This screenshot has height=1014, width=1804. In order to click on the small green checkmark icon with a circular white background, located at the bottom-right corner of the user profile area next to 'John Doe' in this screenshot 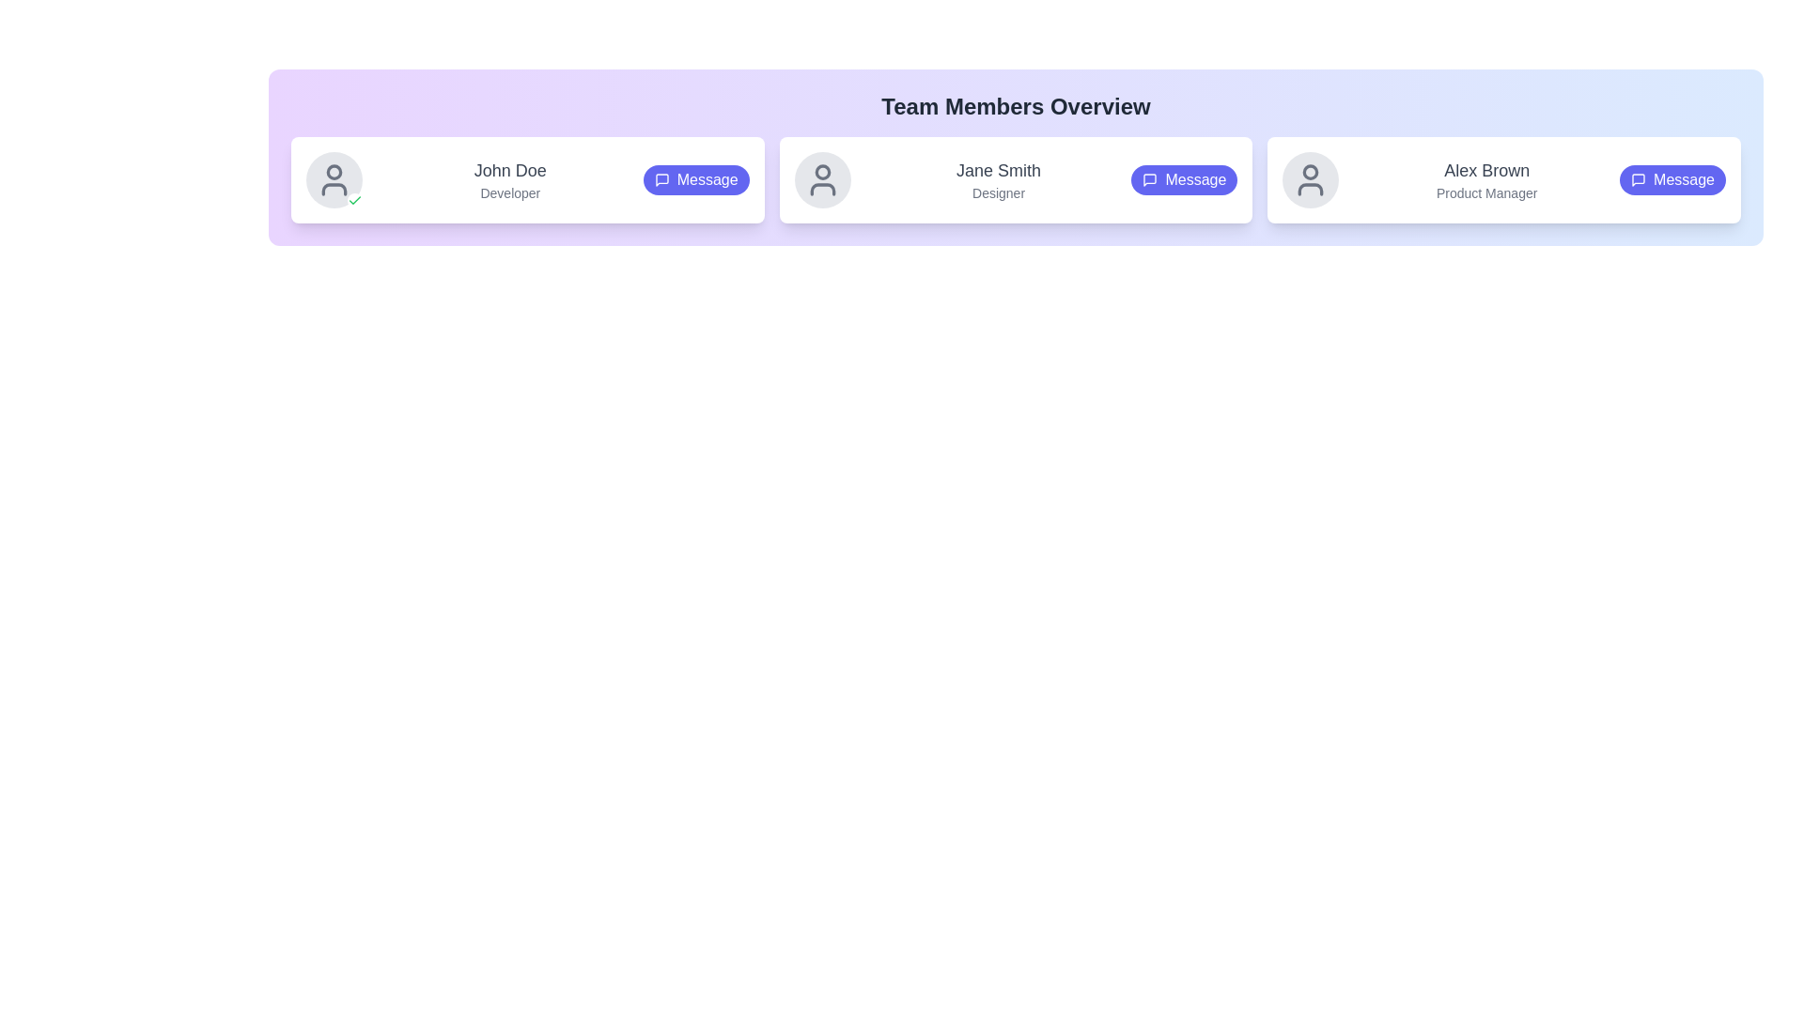, I will do `click(355, 200)`.